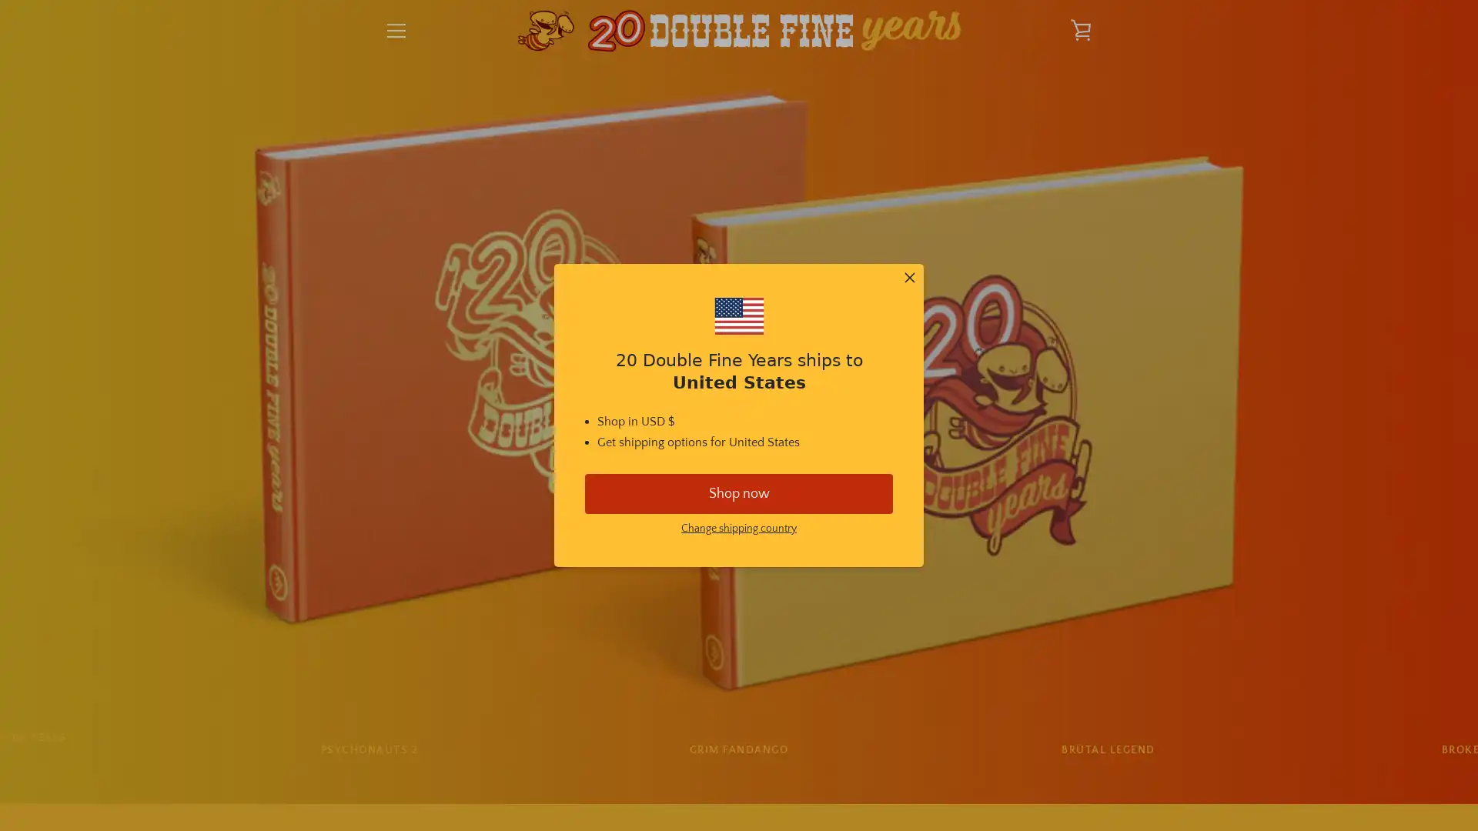  I want to click on SLIDE 3 GRIM FANDANGO, so click(737, 749).